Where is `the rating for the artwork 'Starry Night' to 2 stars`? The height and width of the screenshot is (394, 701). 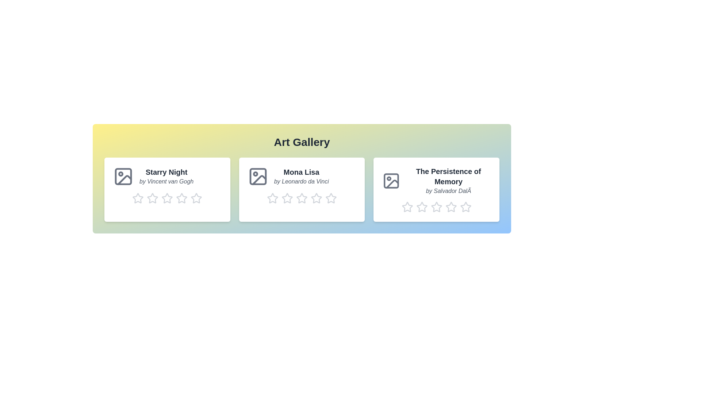
the rating for the artwork 'Starry Night' to 2 stars is located at coordinates (152, 198).